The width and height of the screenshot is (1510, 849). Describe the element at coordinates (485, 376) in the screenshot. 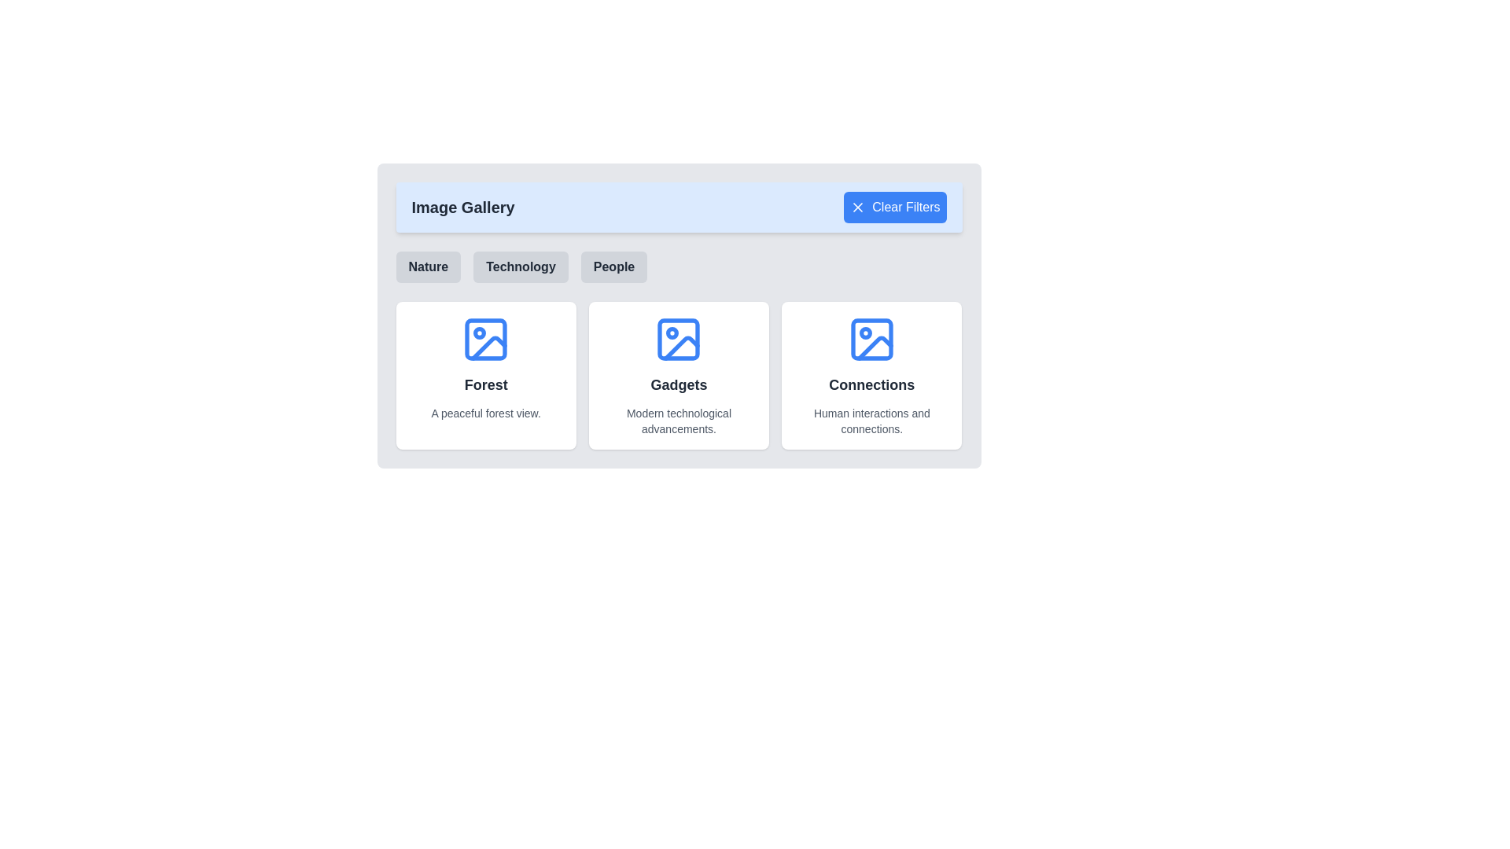

I see `the 'Forest' card in the image gallery, which is the first card in the first column of a three-column grid layout` at that location.